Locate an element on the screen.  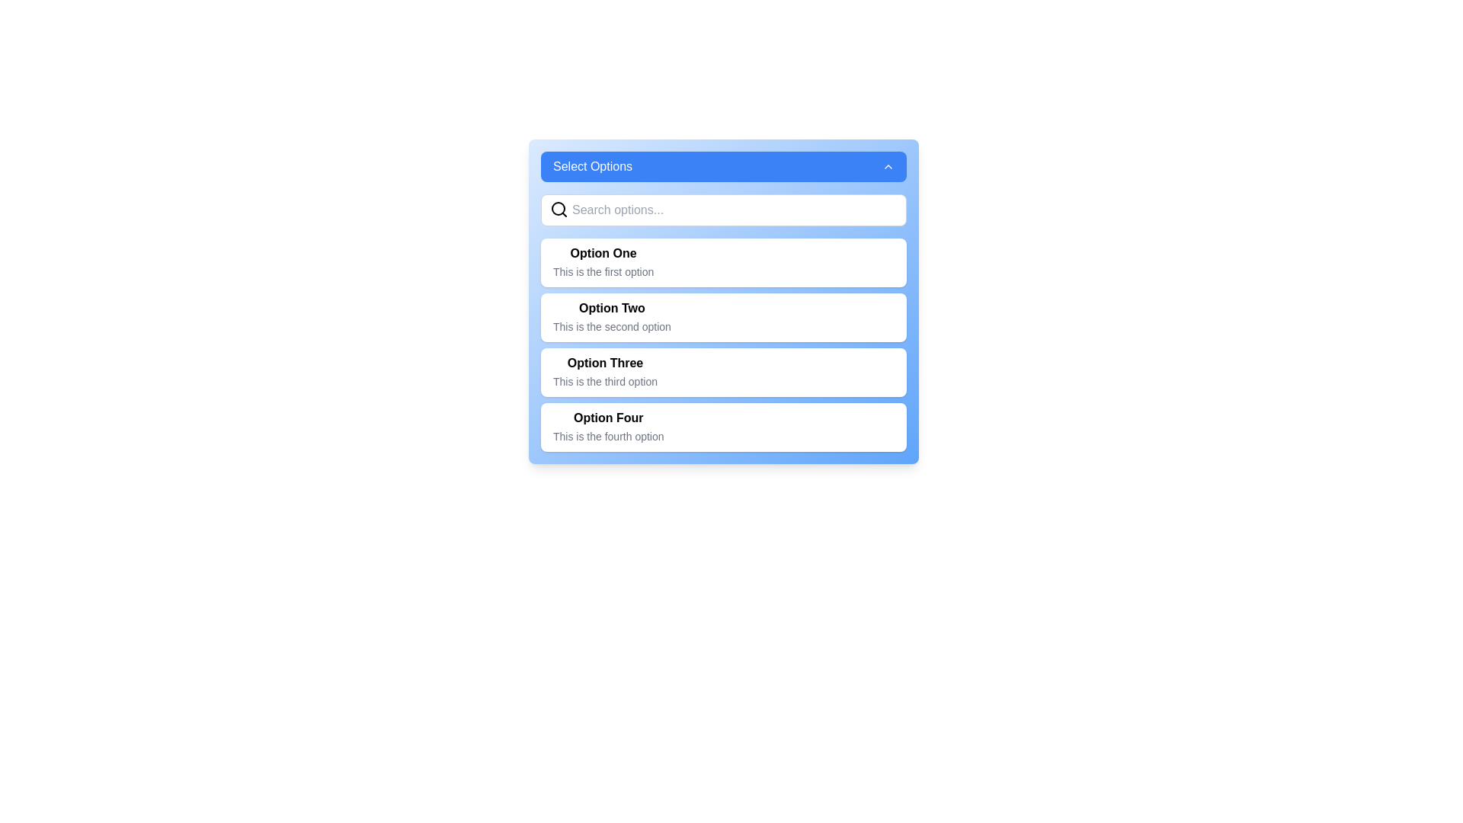
the topmost dropdown trigger button positioned above the search input box is located at coordinates (723, 167).